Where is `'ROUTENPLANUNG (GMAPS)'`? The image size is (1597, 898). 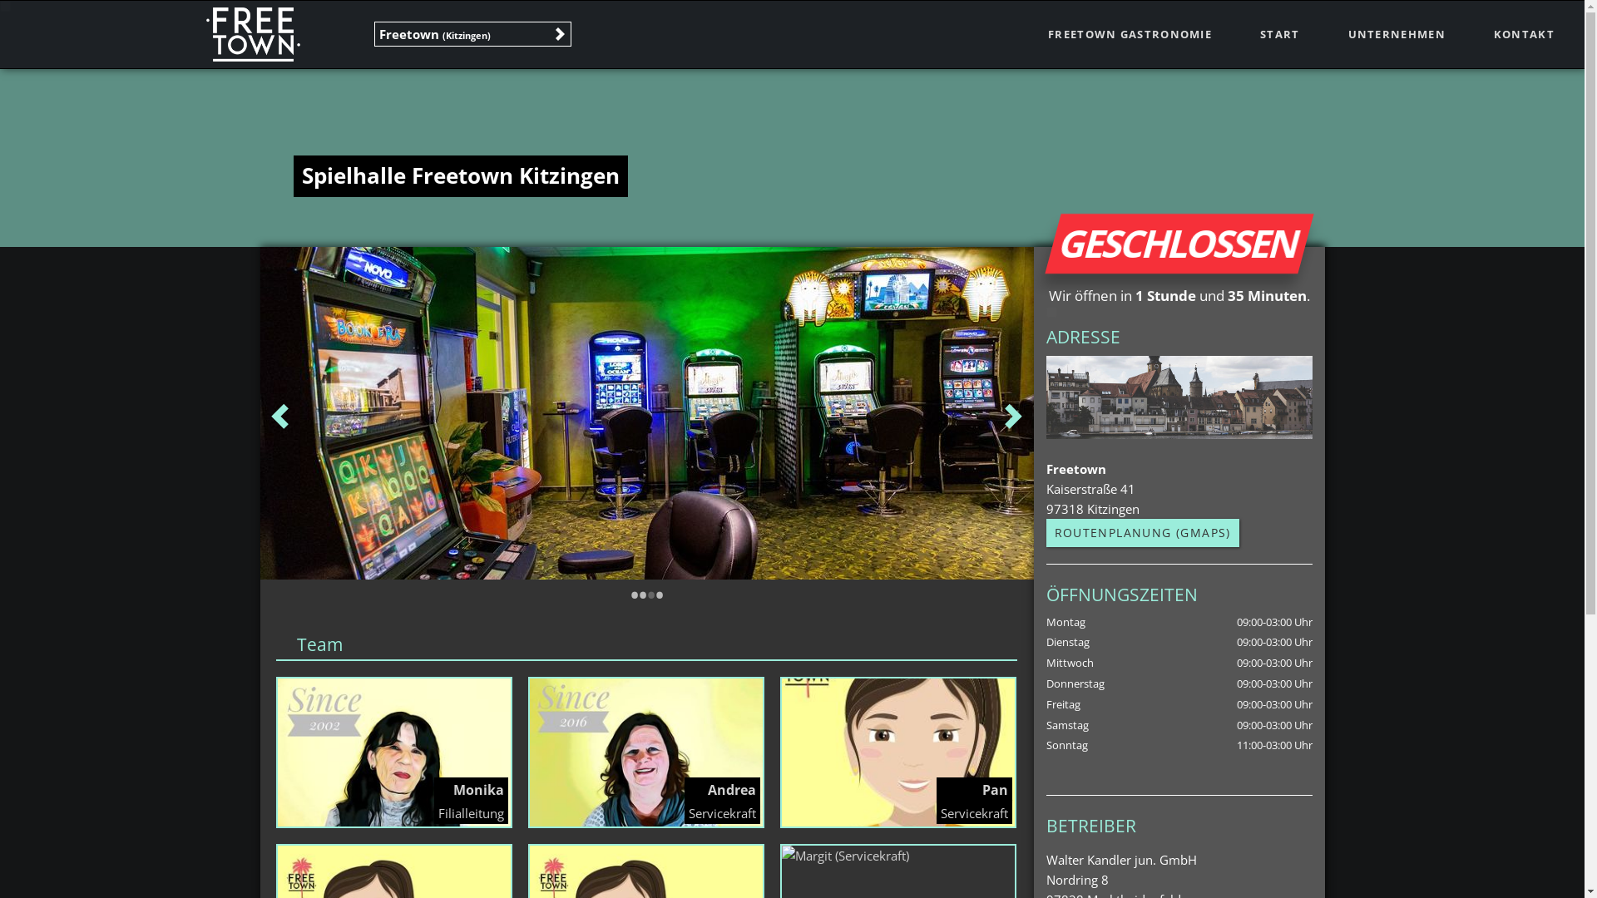
'ROUTENPLANUNG (GMAPS)' is located at coordinates (1141, 532).